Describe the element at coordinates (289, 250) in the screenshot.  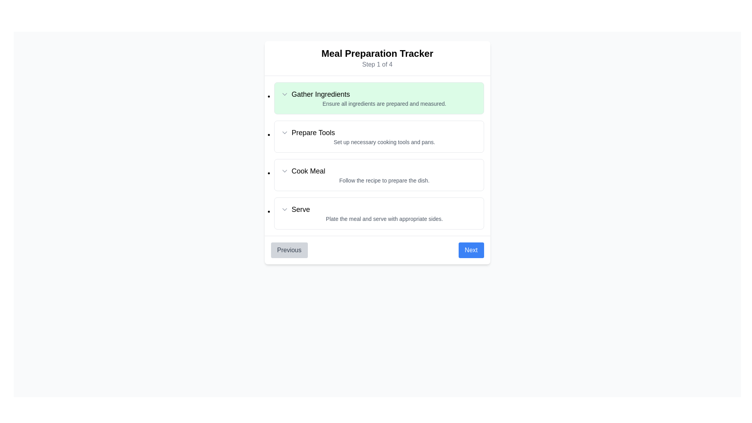
I see `the navigation button located in the bottom left corner of the button group to observe interactive effects` at that location.